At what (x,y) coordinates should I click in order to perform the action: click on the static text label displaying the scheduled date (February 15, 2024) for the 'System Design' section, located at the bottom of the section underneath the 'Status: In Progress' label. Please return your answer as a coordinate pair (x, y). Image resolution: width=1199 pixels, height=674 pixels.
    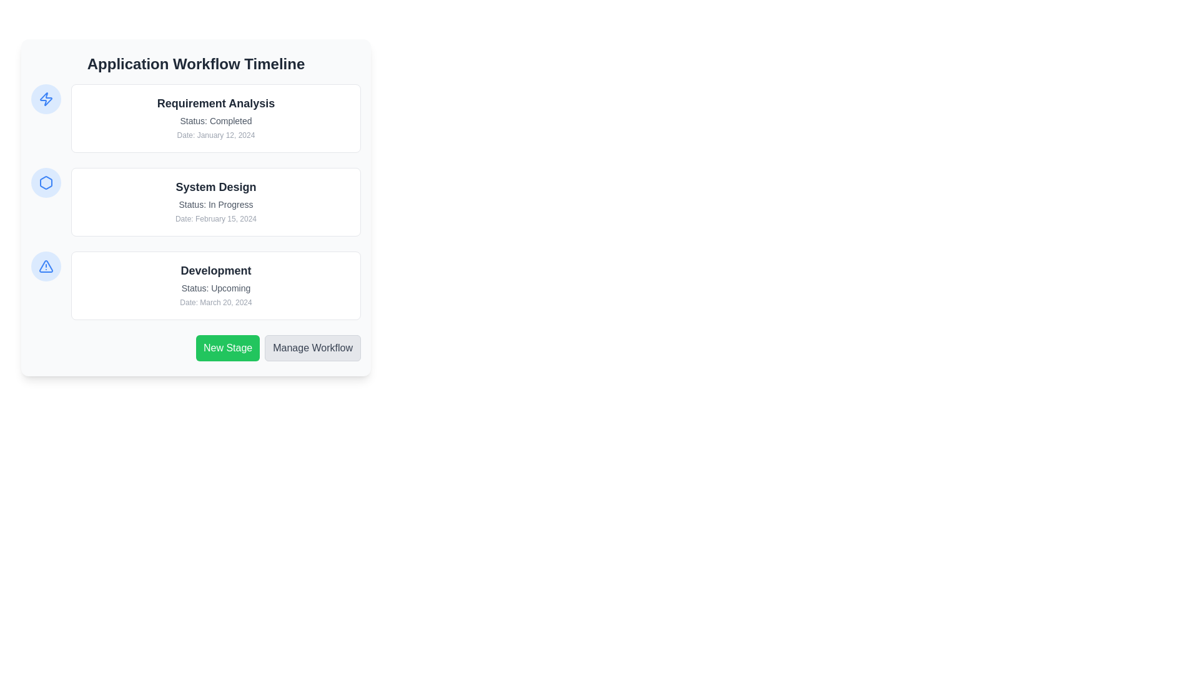
    Looking at the image, I should click on (215, 218).